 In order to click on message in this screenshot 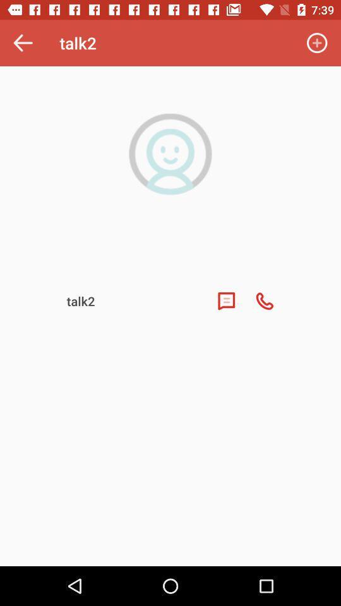, I will do `click(225, 301)`.